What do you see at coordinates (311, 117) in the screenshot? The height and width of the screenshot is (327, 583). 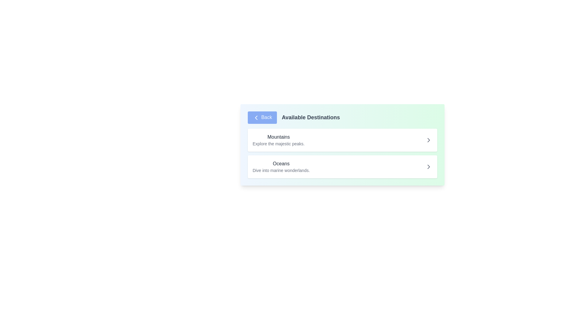 I see `the static text label displaying 'Available Destinations' in bold gray font located on the top right of the navigation bar, next to the 'Back' button` at bounding box center [311, 117].